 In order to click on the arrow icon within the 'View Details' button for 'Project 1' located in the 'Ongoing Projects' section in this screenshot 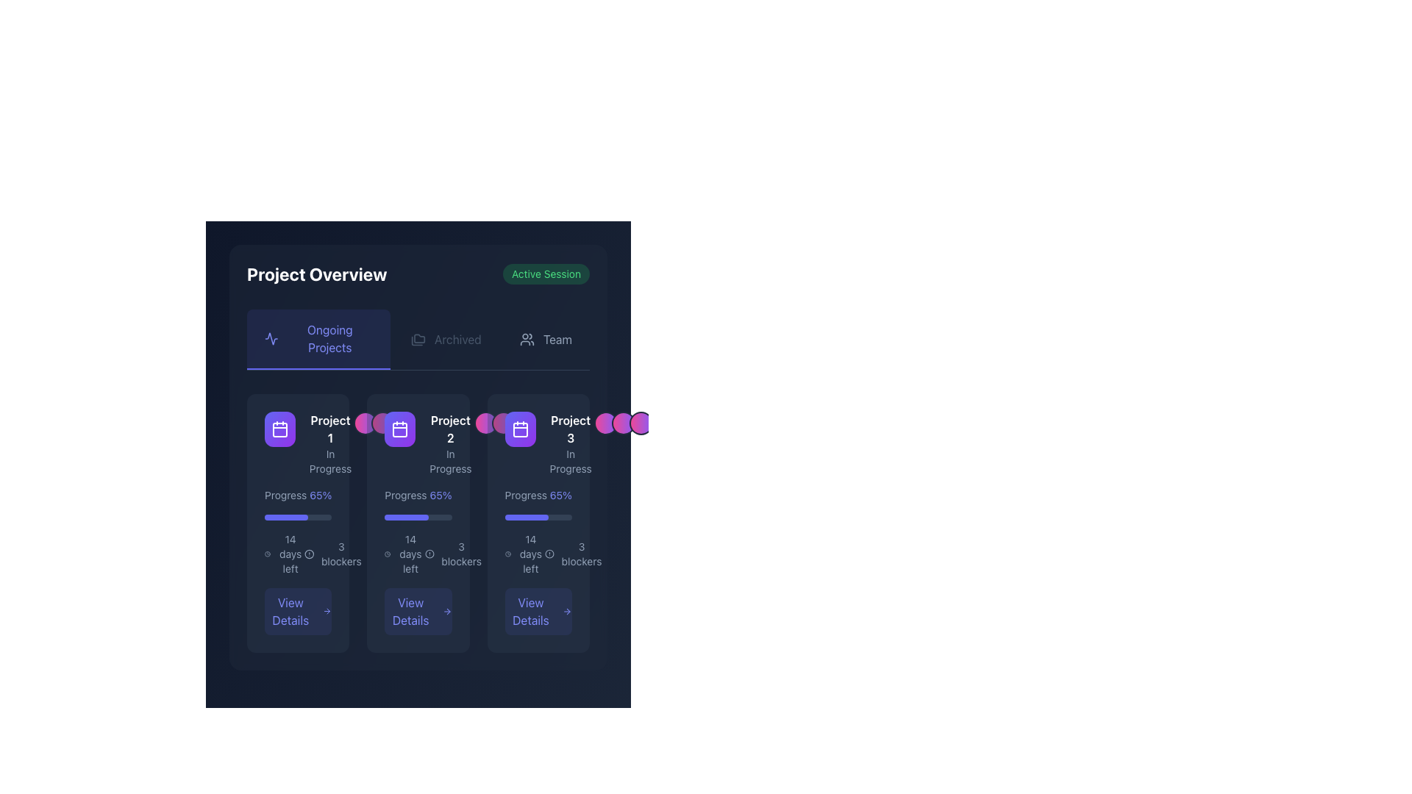, I will do `click(327, 612)`.